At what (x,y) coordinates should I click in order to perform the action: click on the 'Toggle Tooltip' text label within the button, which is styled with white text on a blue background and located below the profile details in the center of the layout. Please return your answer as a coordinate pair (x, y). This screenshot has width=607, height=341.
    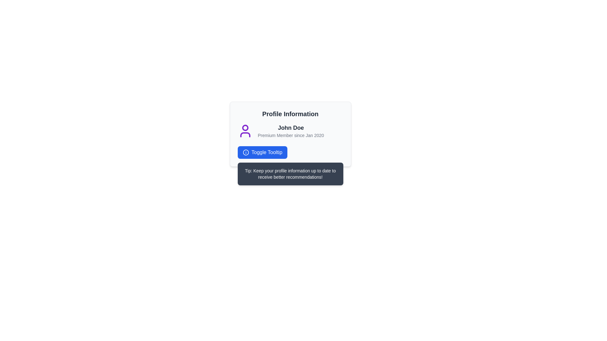
    Looking at the image, I should click on (267, 152).